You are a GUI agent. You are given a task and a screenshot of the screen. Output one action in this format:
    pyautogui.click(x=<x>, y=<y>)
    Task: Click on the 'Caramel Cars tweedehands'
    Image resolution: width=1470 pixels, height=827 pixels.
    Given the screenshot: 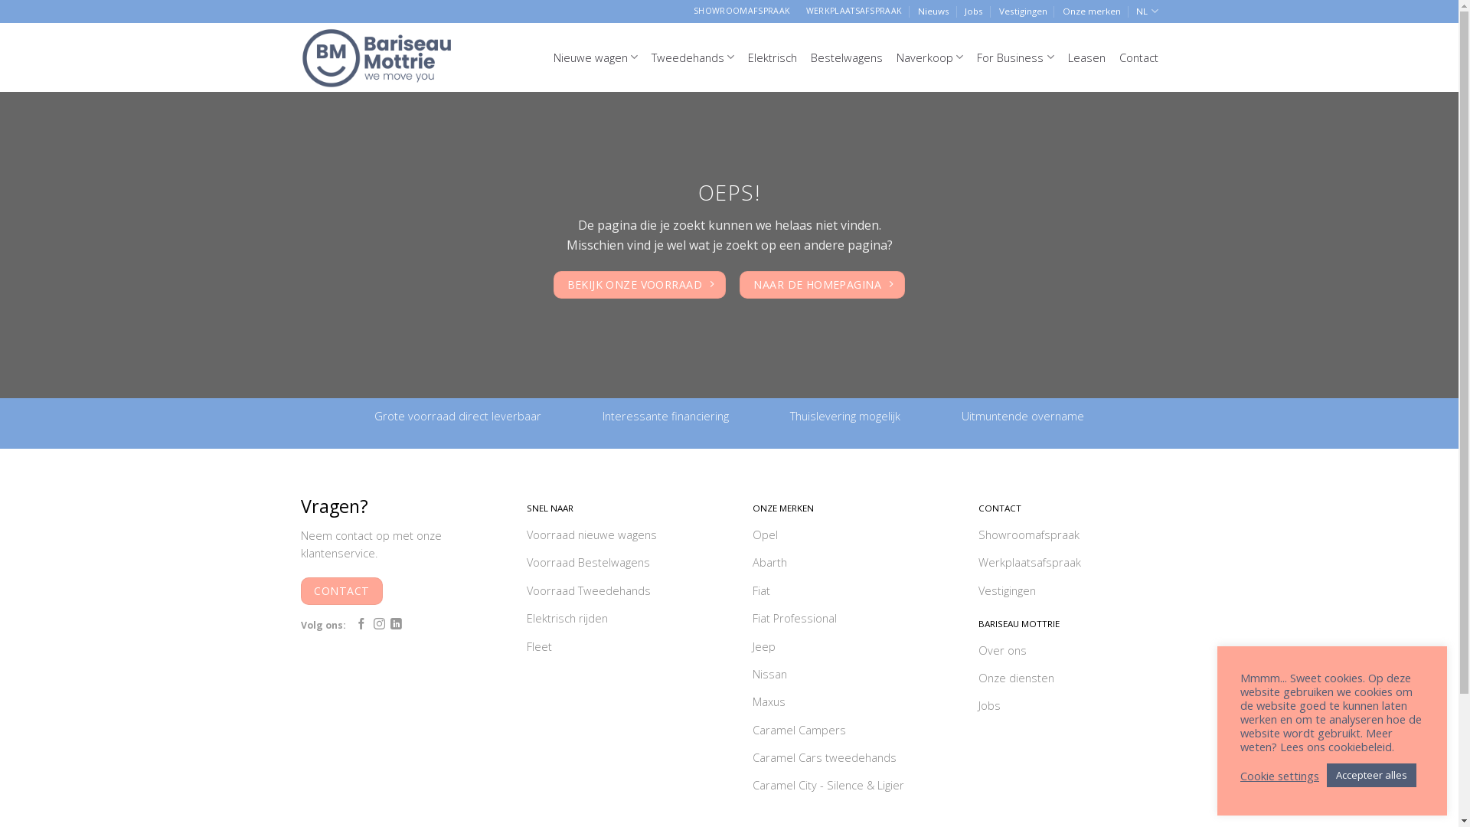 What is the action you would take?
    pyautogui.click(x=752, y=759)
    